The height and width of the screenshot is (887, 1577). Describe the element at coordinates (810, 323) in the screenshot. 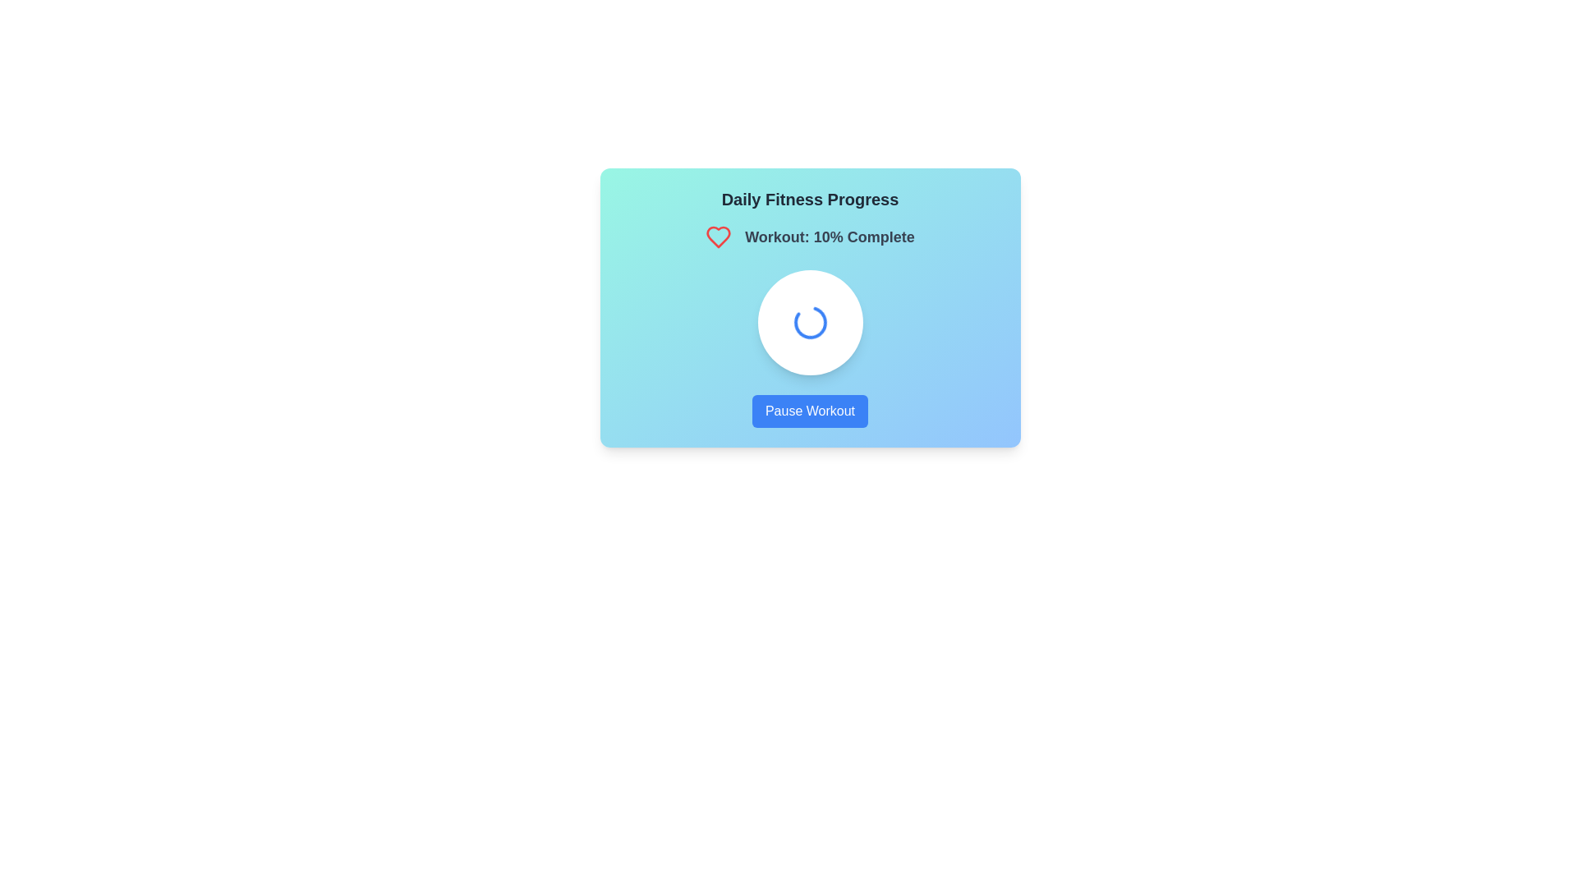

I see `the Loader or Loading Indicator located centrally within the card titled 'Daily Fitness Progress'` at that location.